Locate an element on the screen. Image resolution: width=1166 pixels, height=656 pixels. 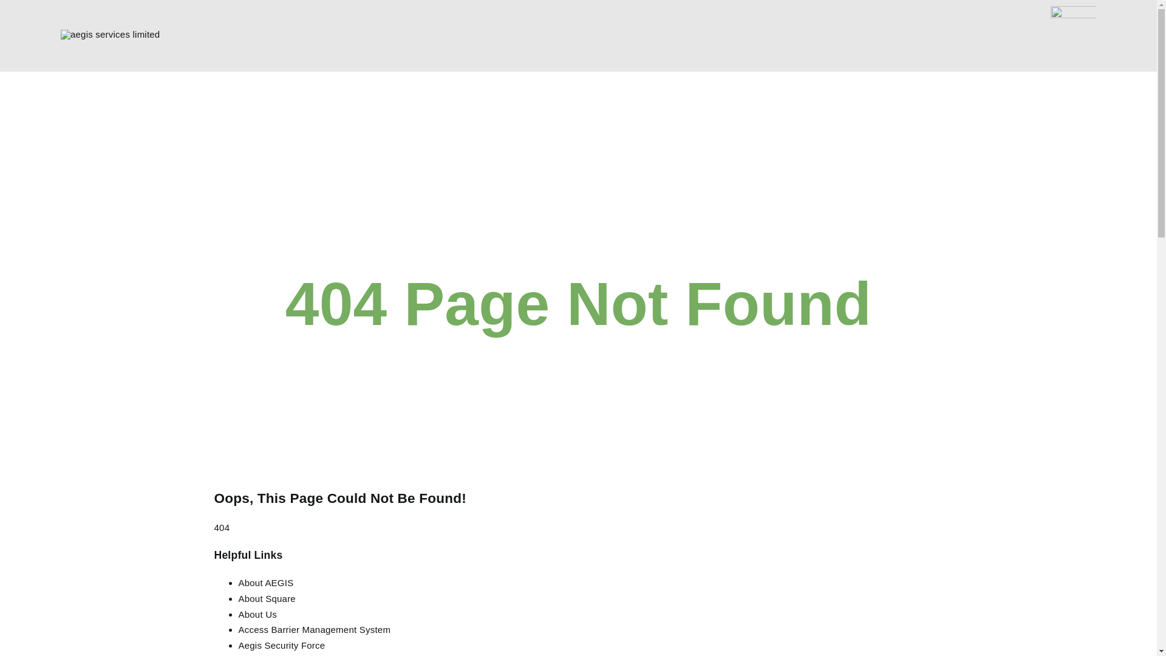
'Access Barrier Management System' is located at coordinates (314, 629).